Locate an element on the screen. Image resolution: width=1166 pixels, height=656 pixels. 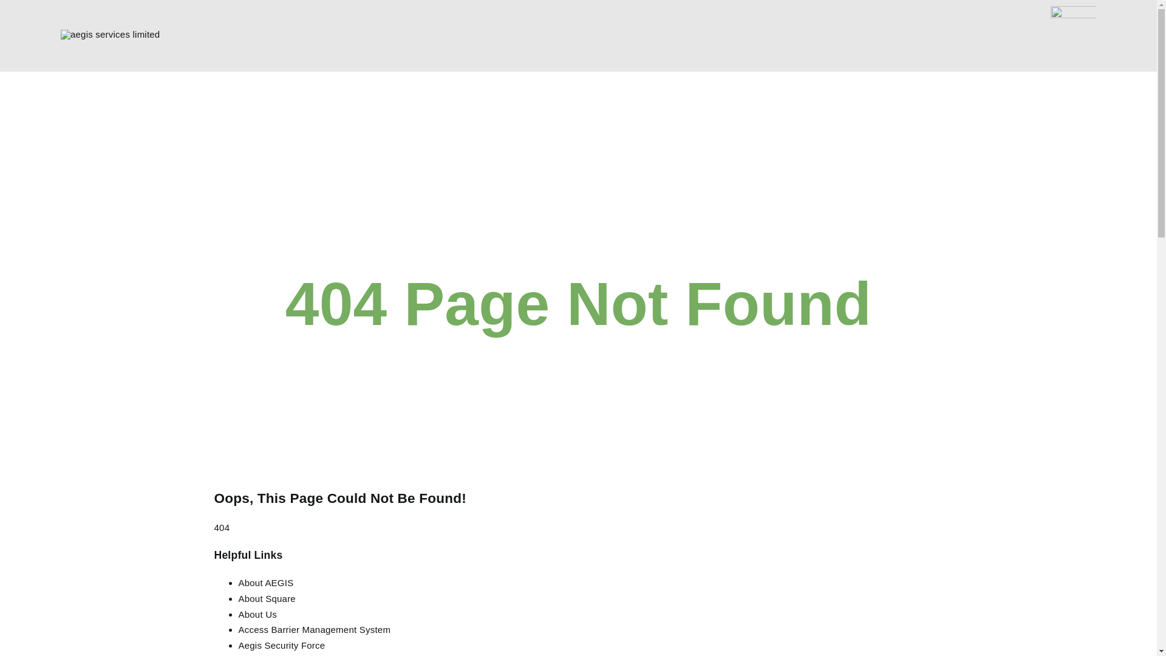
'Access Barrier Management System' is located at coordinates (314, 629).